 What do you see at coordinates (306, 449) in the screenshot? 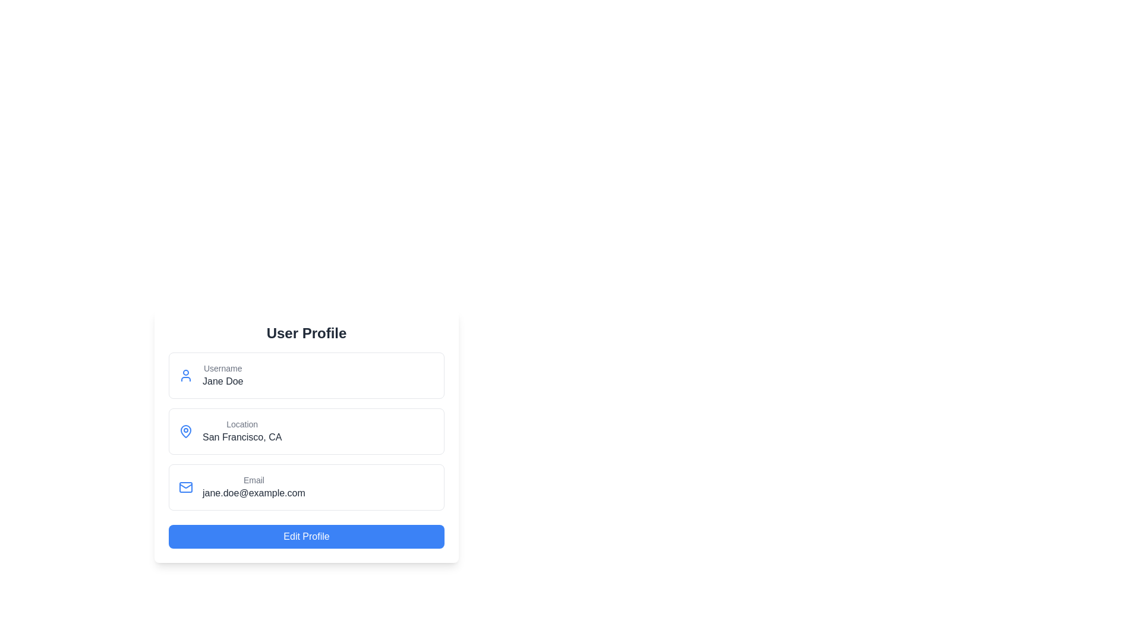
I see `location information displayed in the Information display section, which is positioned below the Username section and above the Email section in the user profile interface` at bounding box center [306, 449].